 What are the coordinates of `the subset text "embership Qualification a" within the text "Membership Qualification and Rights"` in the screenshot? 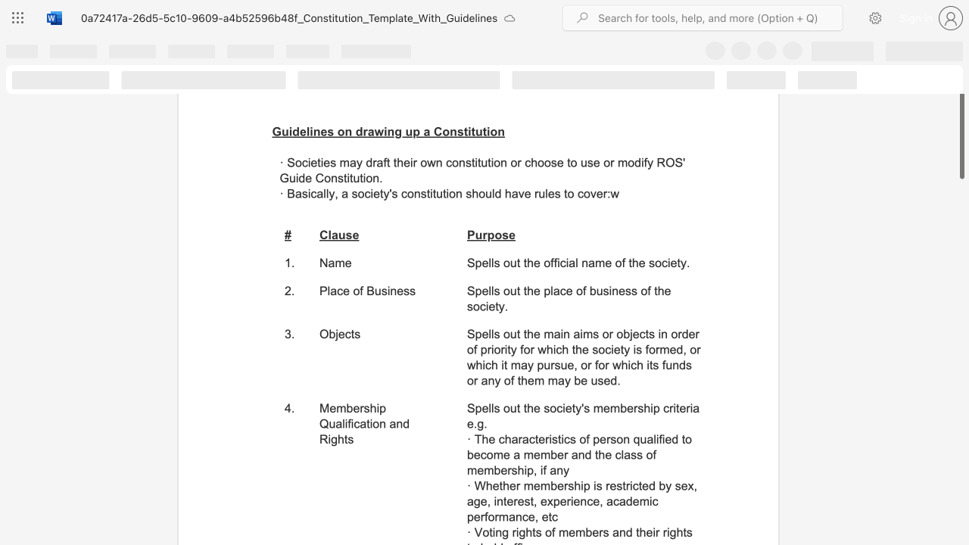 It's located at (329, 407).